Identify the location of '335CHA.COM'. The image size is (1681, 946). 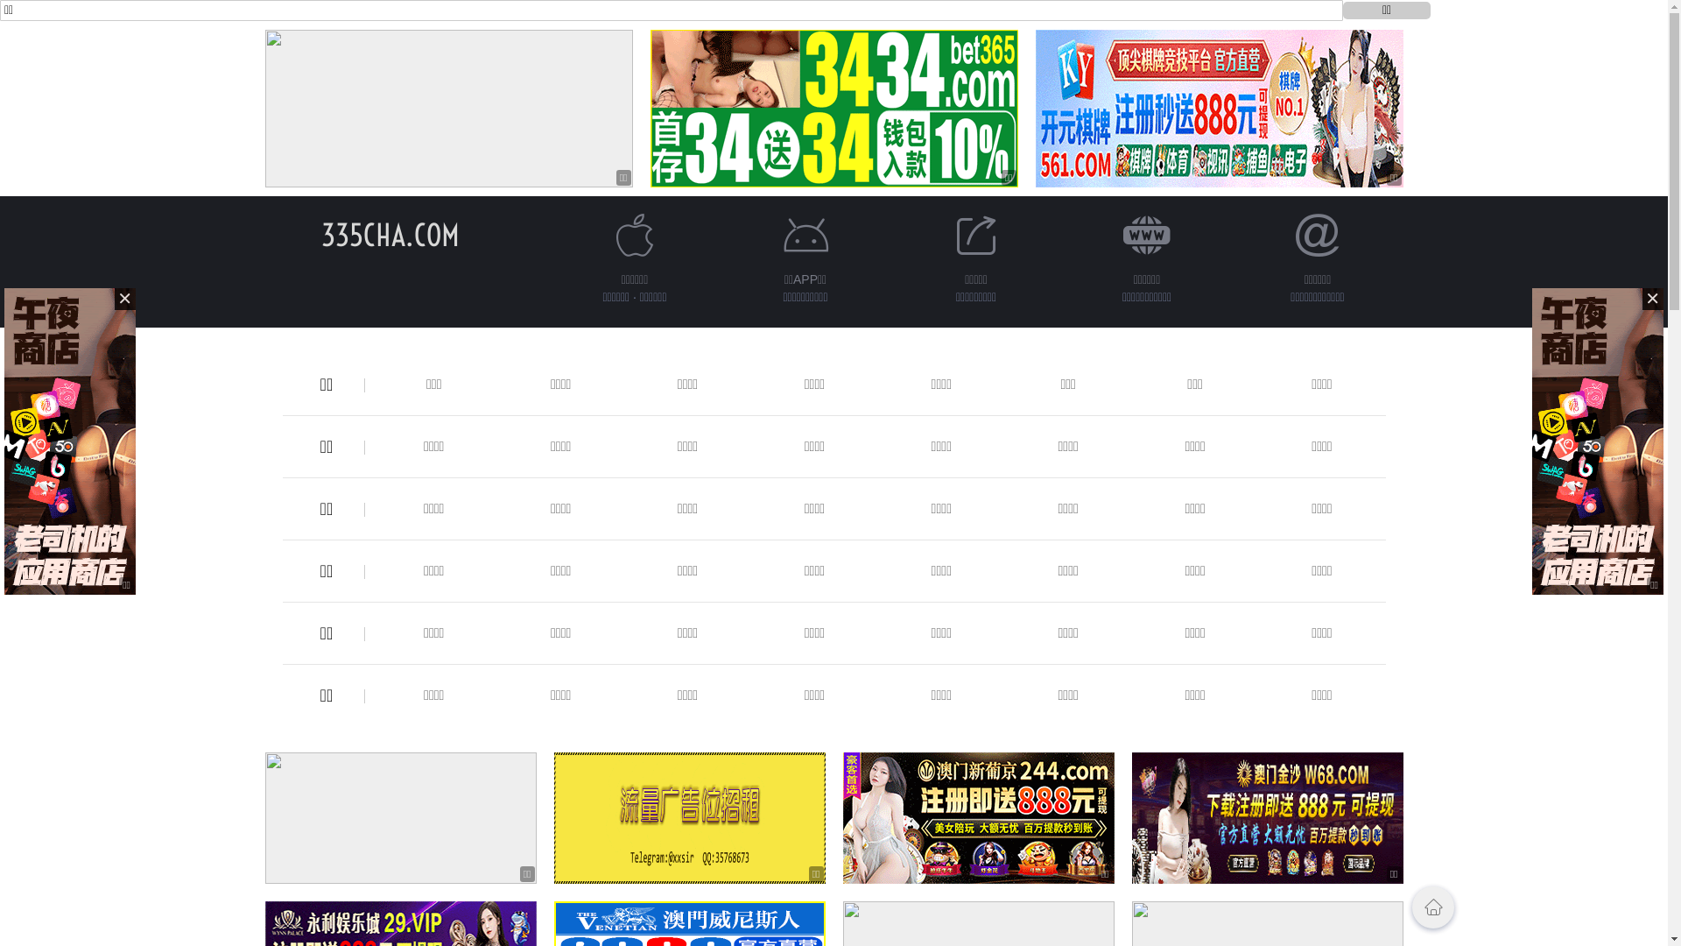
(389, 234).